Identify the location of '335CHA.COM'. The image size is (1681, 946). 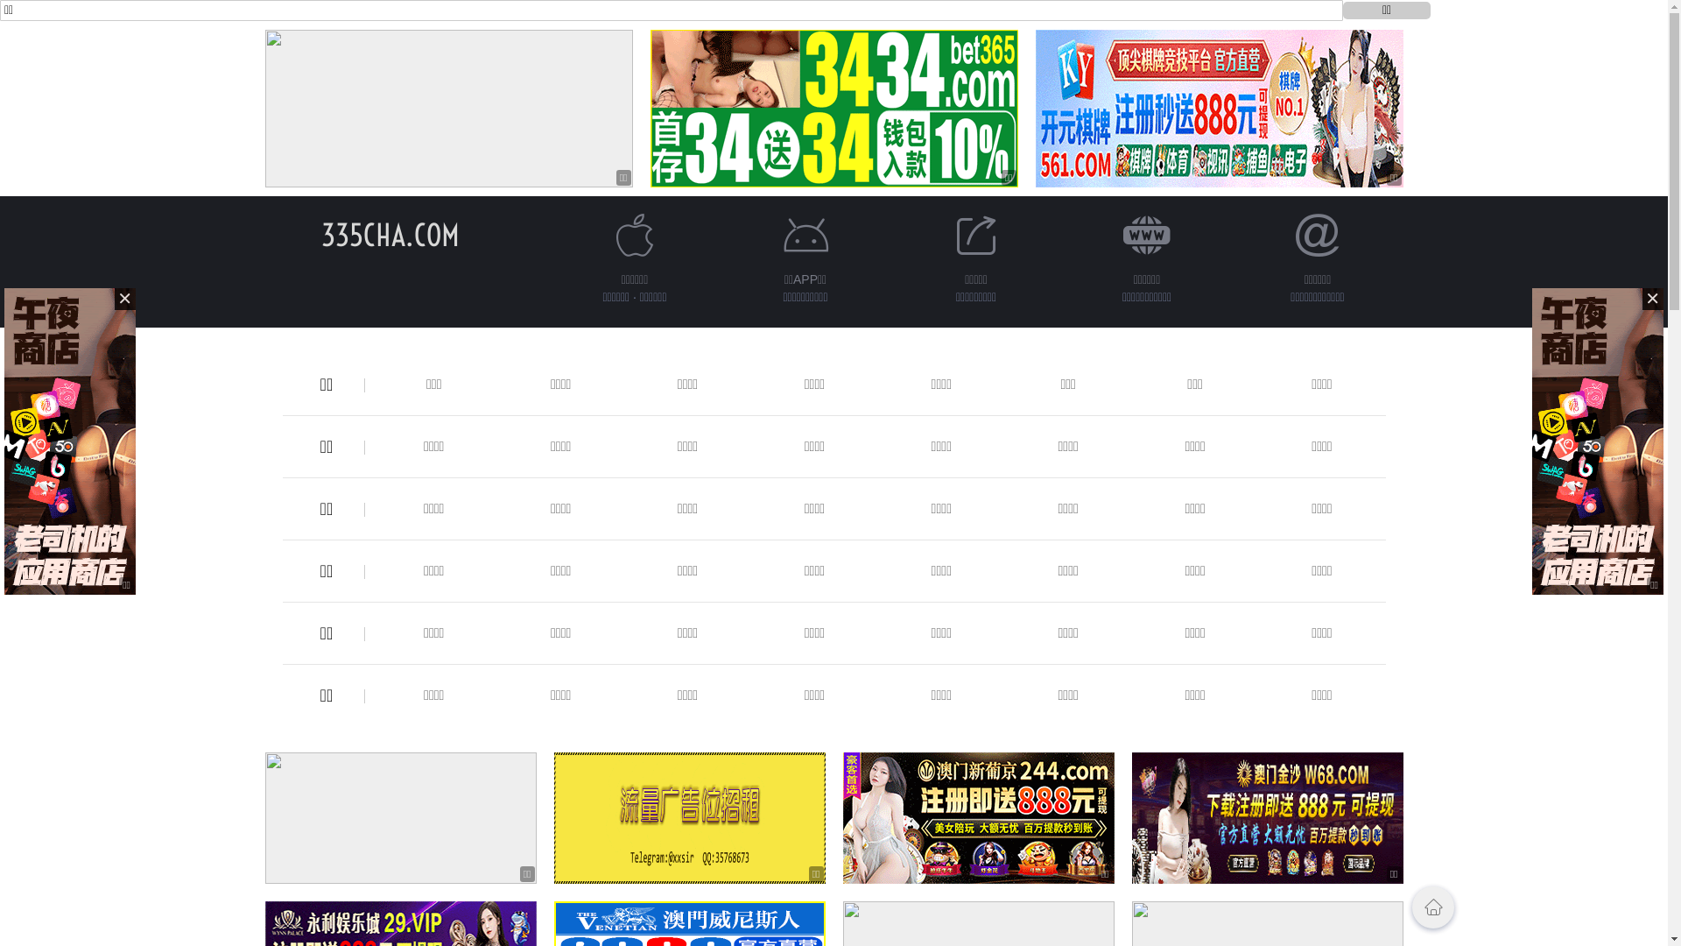
(389, 234).